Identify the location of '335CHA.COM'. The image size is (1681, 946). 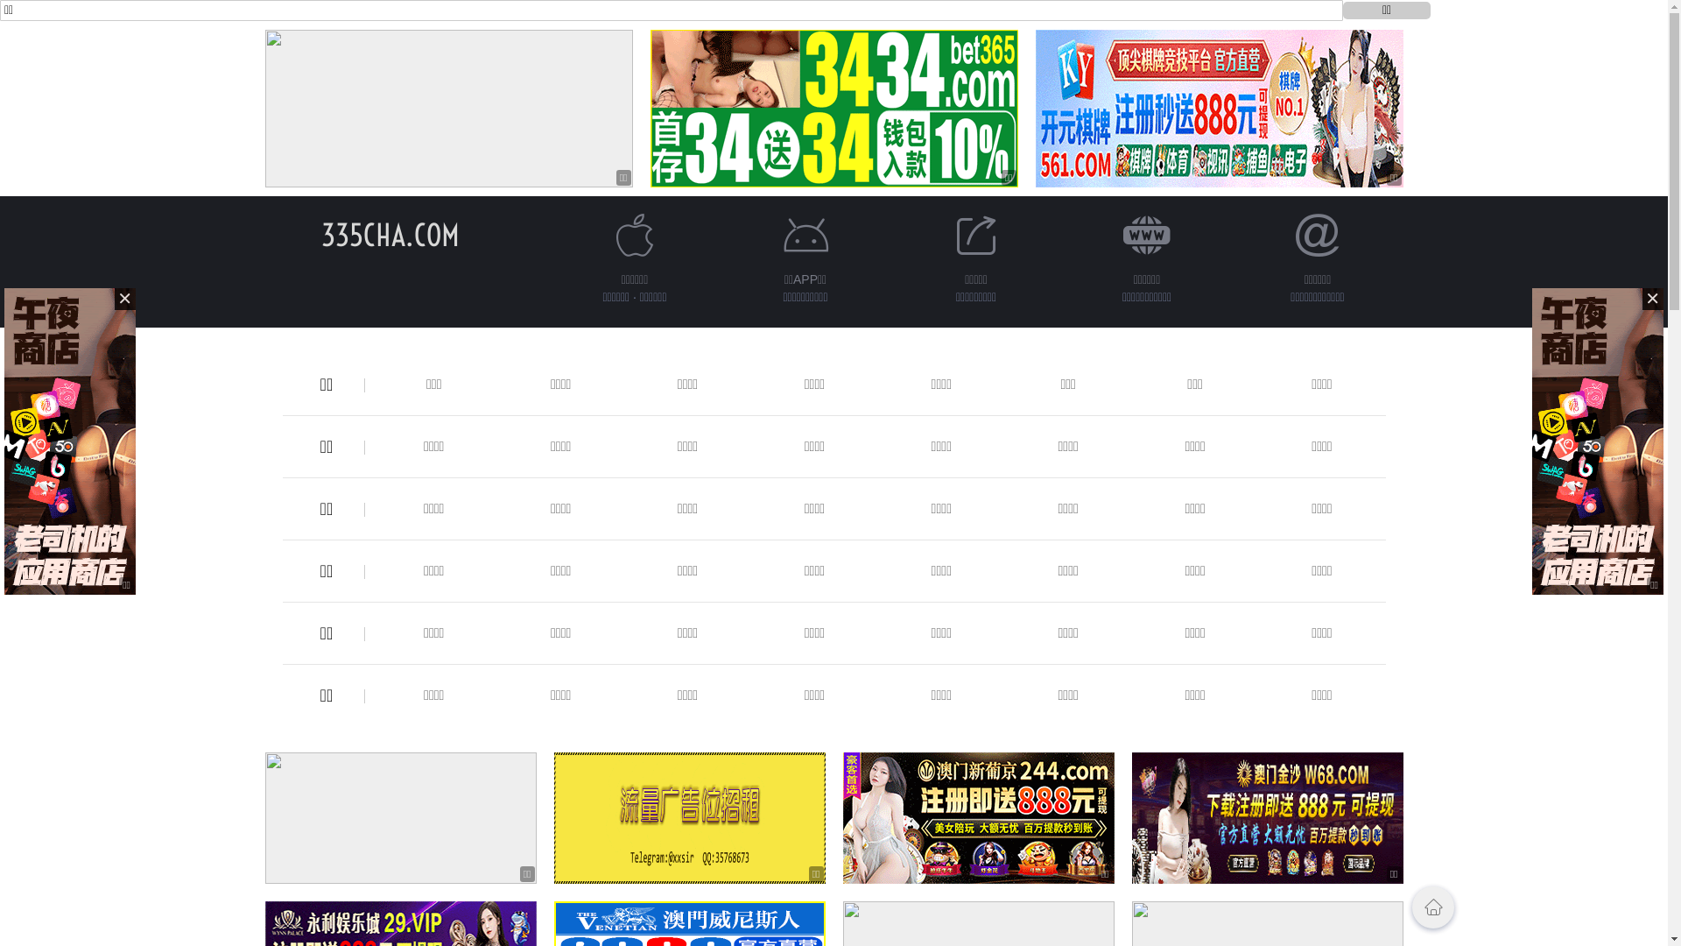
(389, 234).